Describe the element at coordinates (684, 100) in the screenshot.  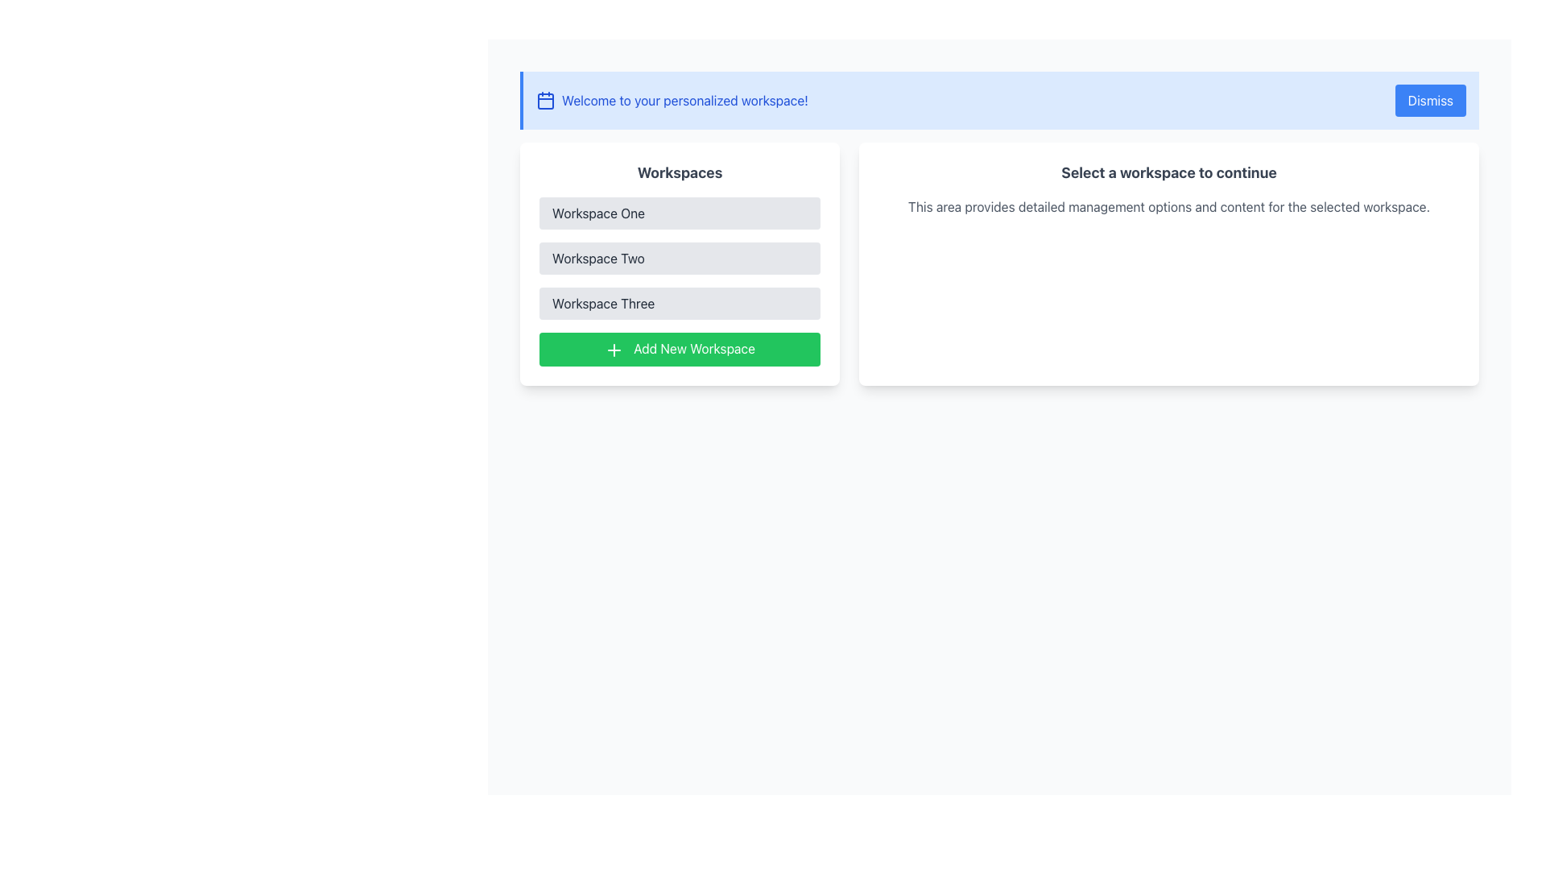
I see `the Informational Text welcoming the user to their workspace, located near the top of the interface to the right of a small calendar icon` at that location.